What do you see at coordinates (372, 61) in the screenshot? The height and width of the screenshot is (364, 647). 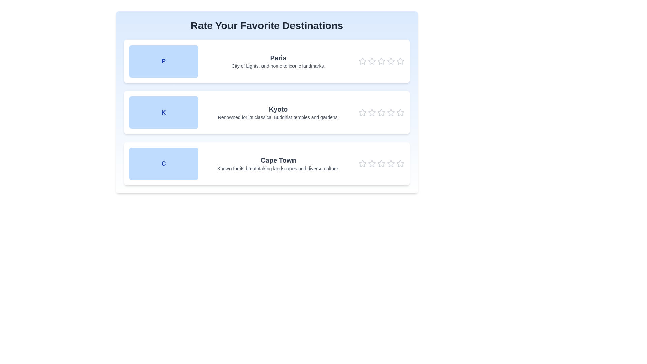 I see `the second rating star icon for the 'Paris' destination` at bounding box center [372, 61].